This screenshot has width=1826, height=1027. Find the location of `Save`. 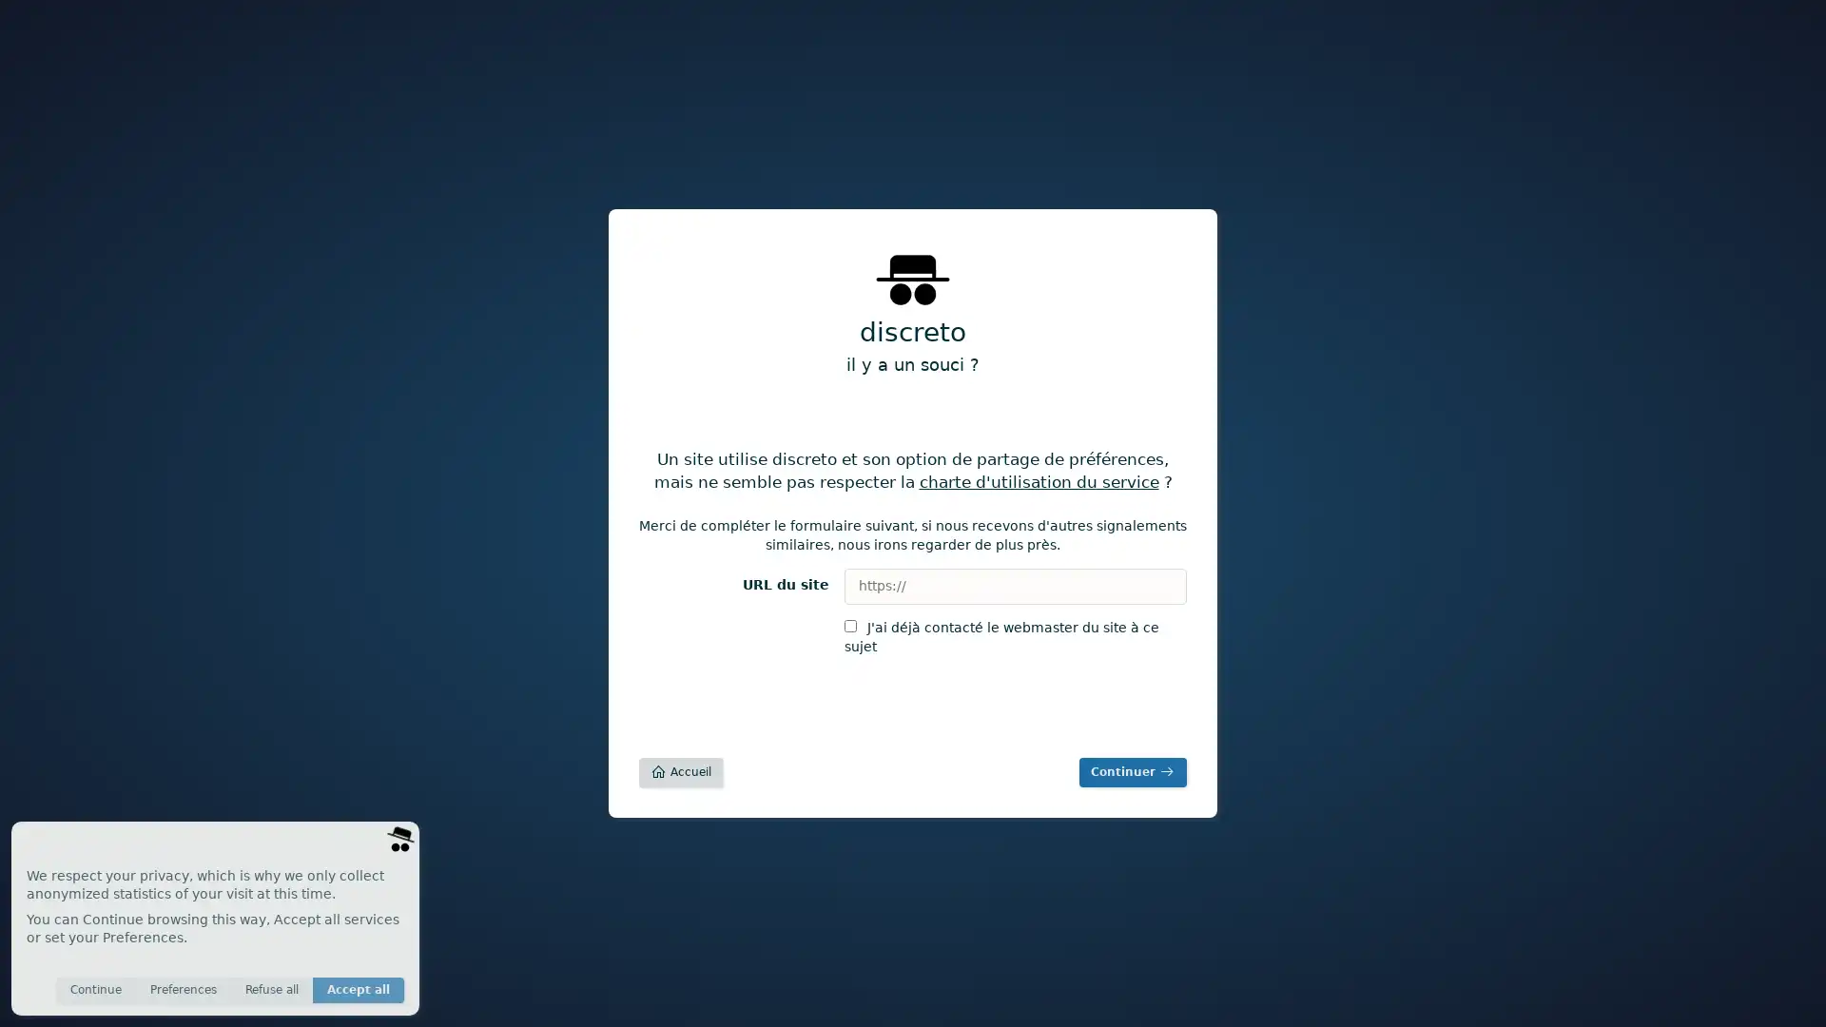

Save is located at coordinates (374, 997).